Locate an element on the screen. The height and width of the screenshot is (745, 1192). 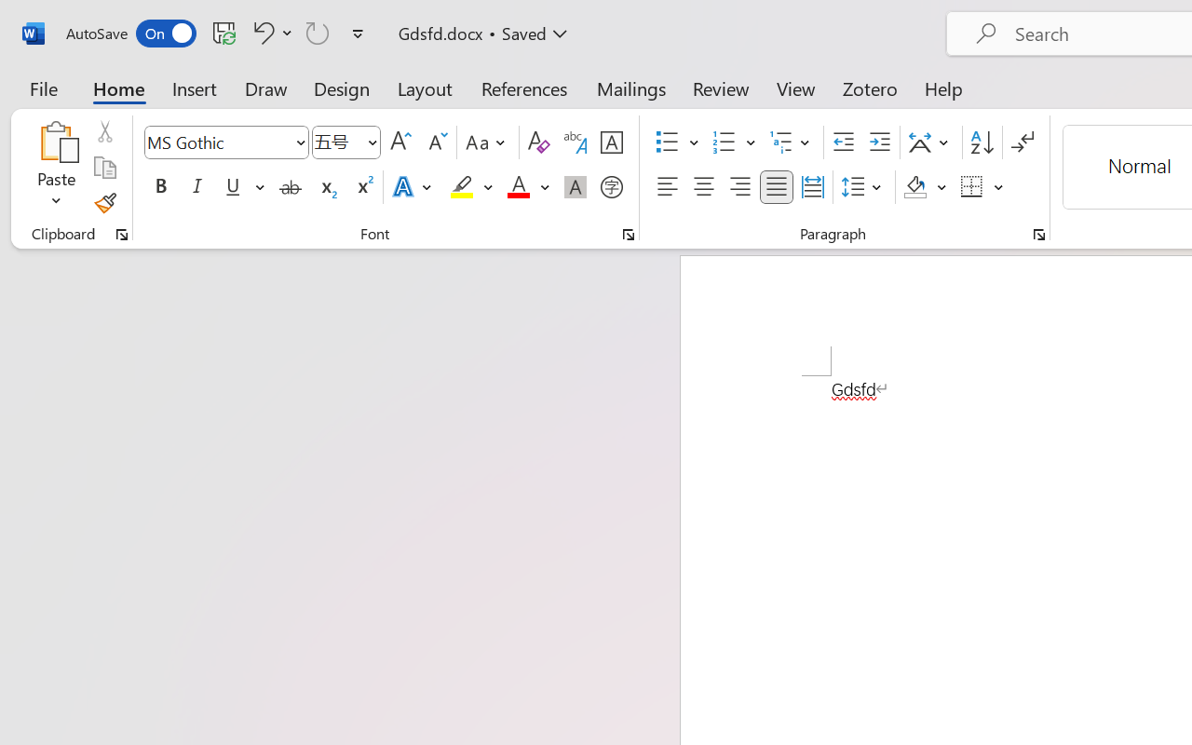
'Change Case' is located at coordinates (488, 142).